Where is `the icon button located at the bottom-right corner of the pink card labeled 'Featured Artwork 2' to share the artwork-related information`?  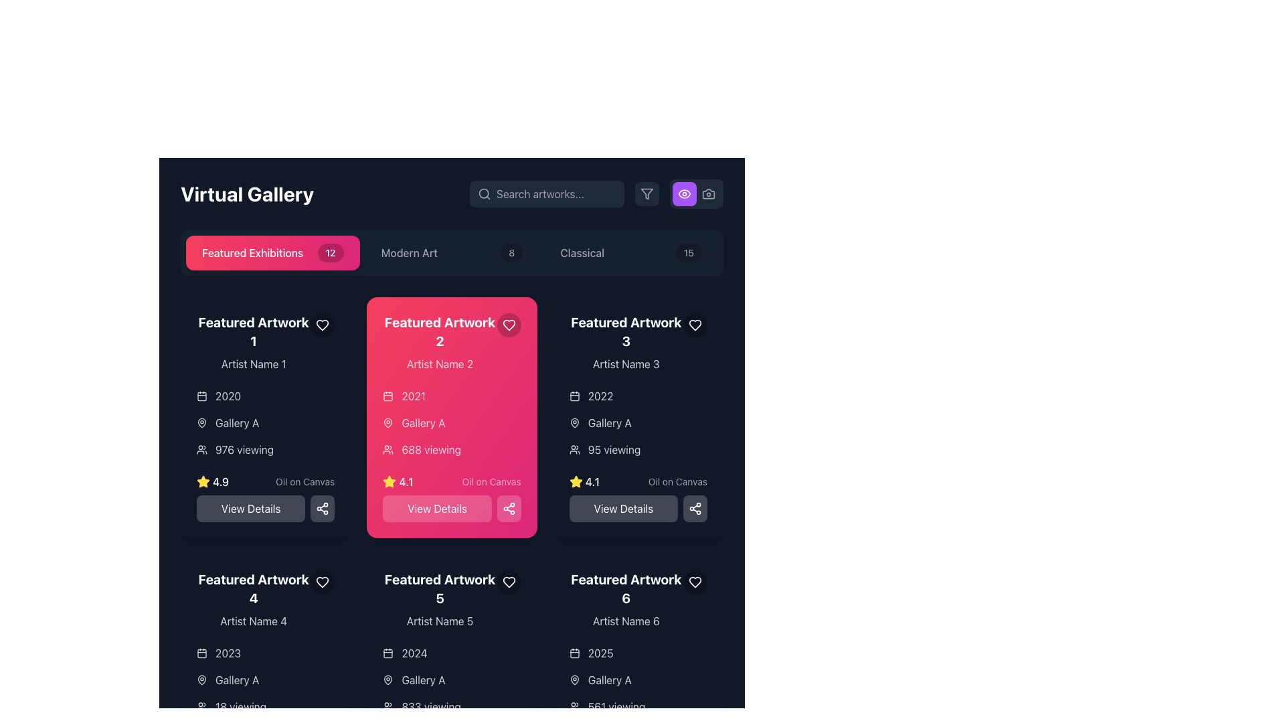
the icon button located at the bottom-right corner of the pink card labeled 'Featured Artwork 2' to share the artwork-related information is located at coordinates (508, 508).